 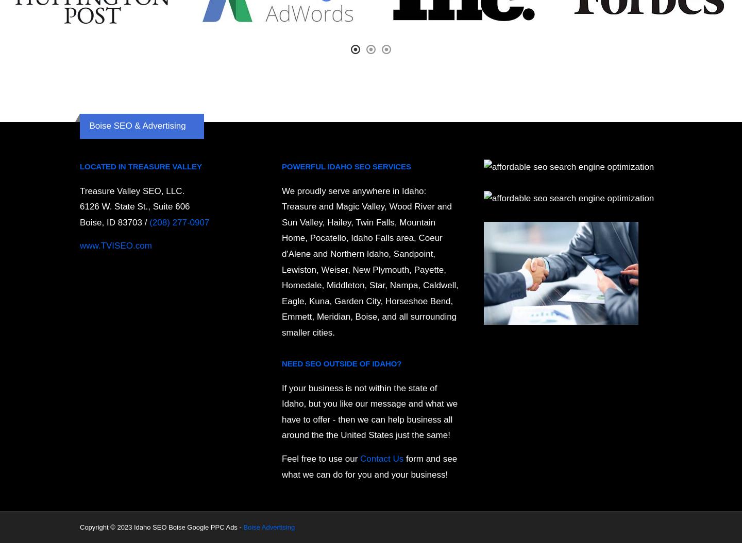 I want to click on 'Treasure Valley SEO, LLC.', so click(x=131, y=190).